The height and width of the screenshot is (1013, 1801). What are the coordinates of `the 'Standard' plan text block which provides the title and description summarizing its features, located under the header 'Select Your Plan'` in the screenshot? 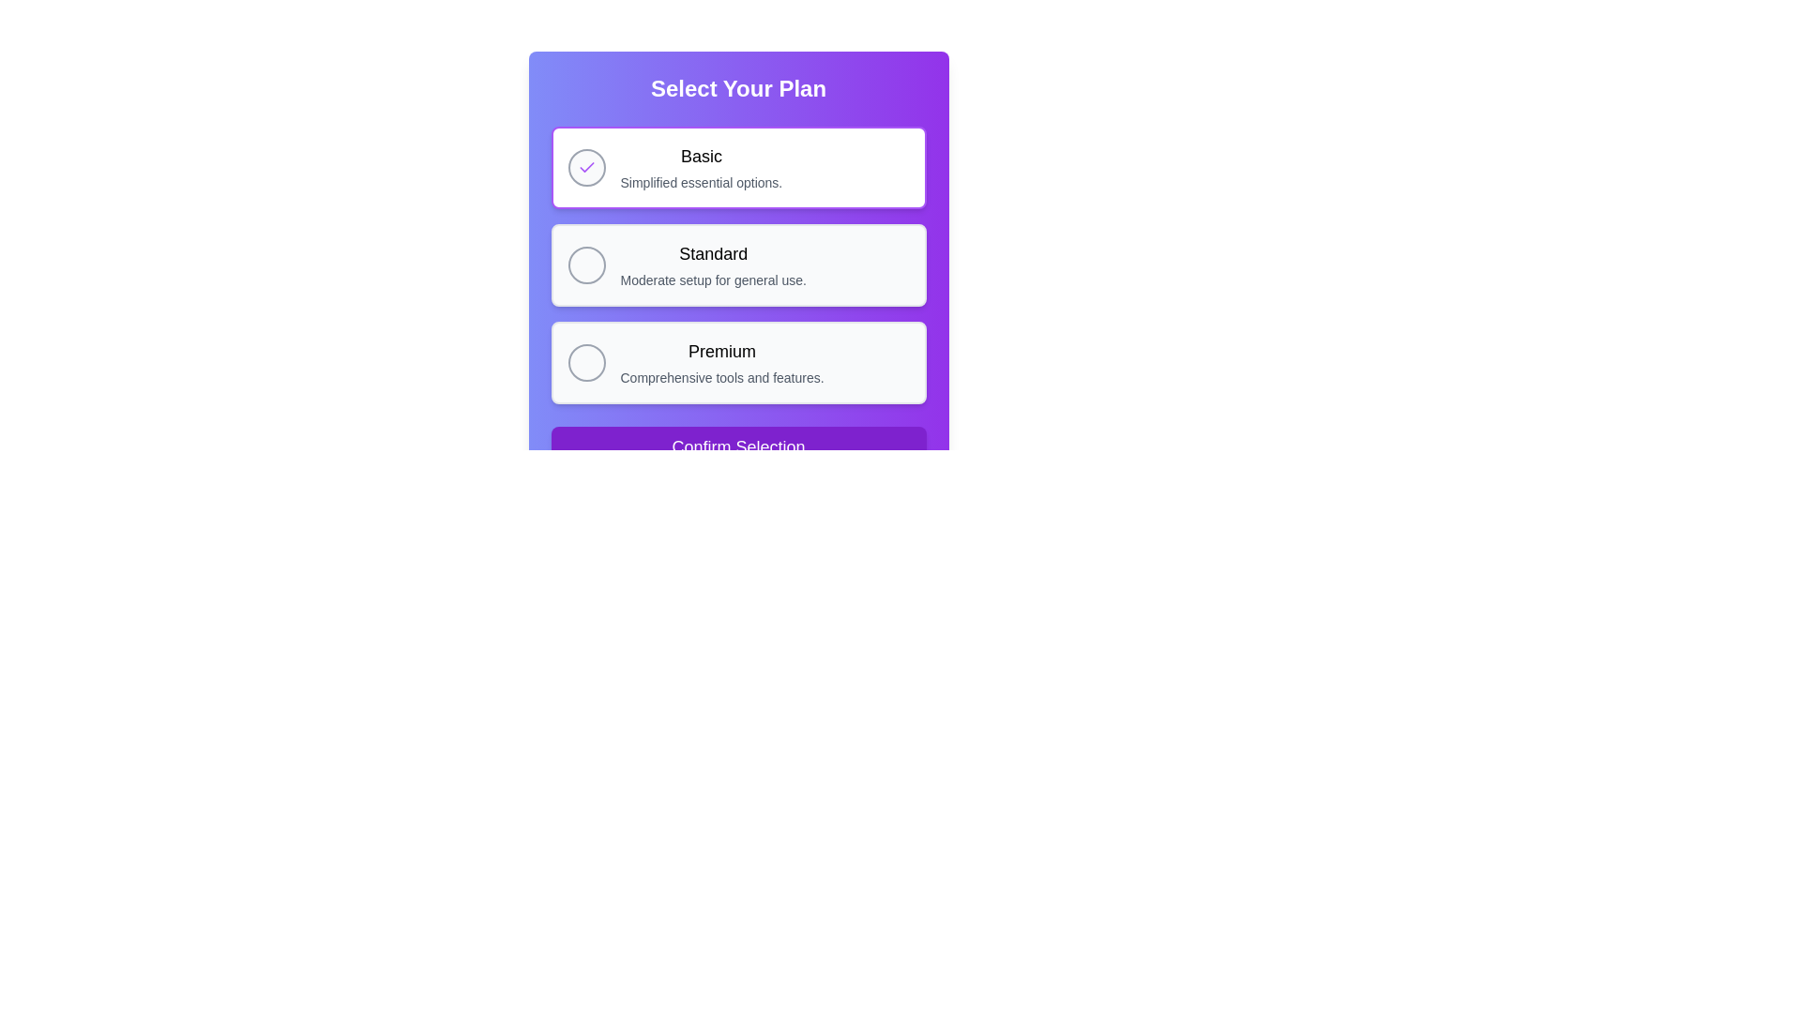 It's located at (712, 265).